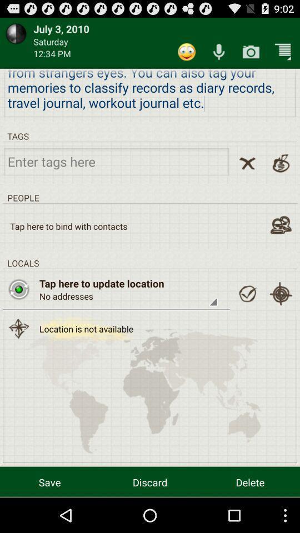 The image size is (300, 533). I want to click on clear field, so click(247, 163).